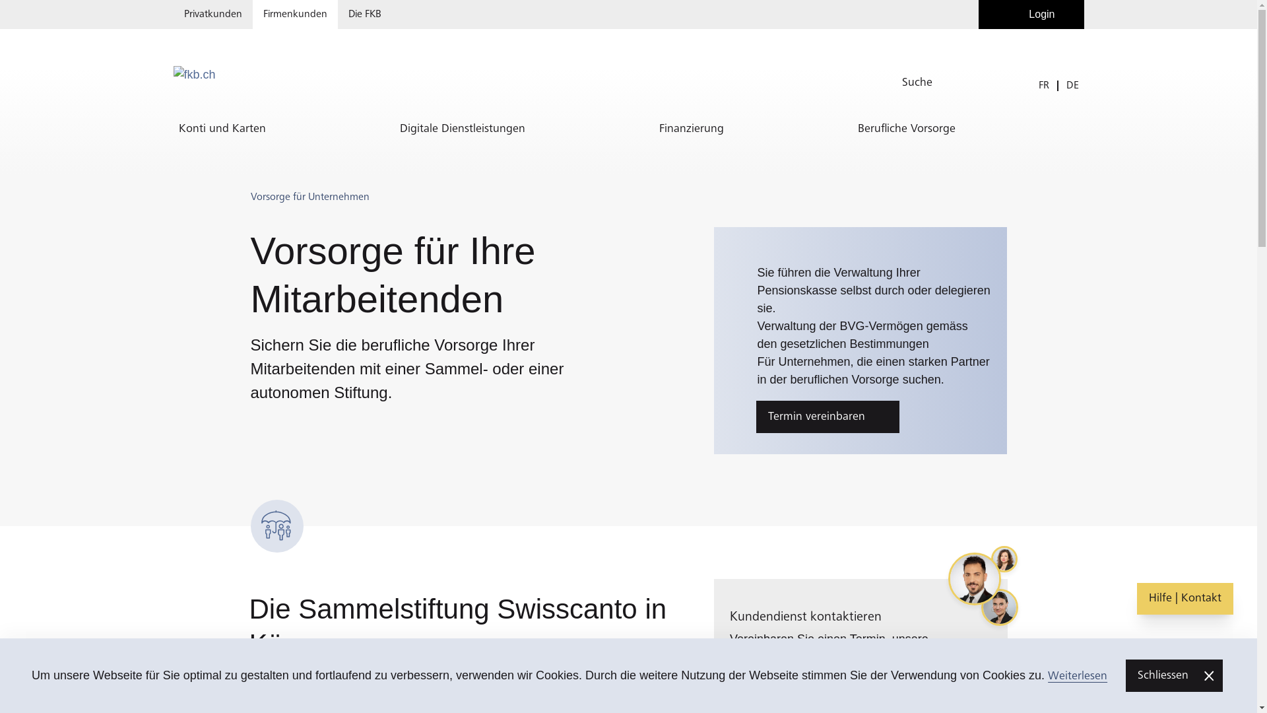  Describe the element at coordinates (1077, 675) in the screenshot. I see `'Weiterlesen'` at that location.